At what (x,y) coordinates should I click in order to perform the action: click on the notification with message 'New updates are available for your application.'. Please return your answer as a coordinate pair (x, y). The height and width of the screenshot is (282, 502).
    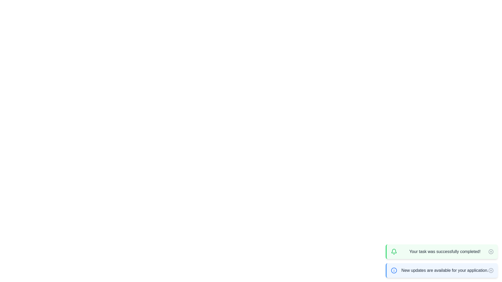
    Looking at the image, I should click on (441, 270).